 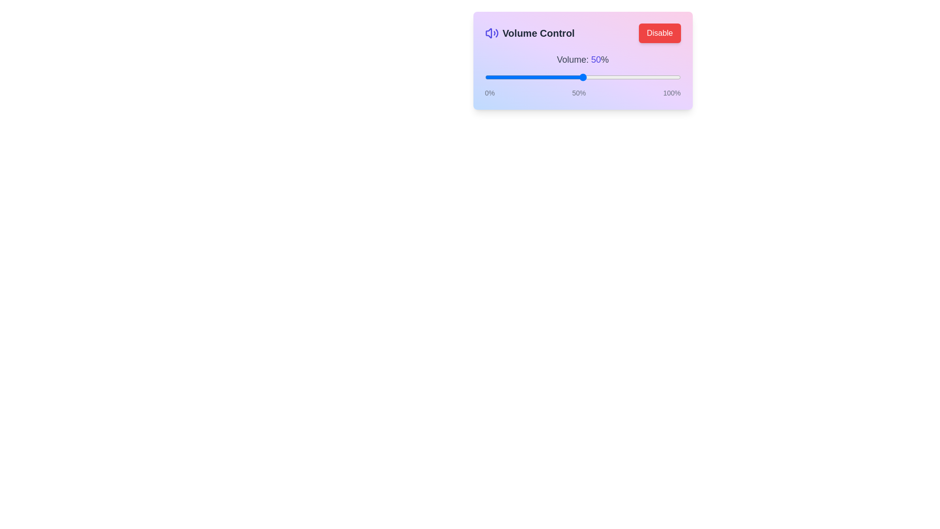 What do you see at coordinates (492, 33) in the screenshot?
I see `the volume control icon` at bounding box center [492, 33].